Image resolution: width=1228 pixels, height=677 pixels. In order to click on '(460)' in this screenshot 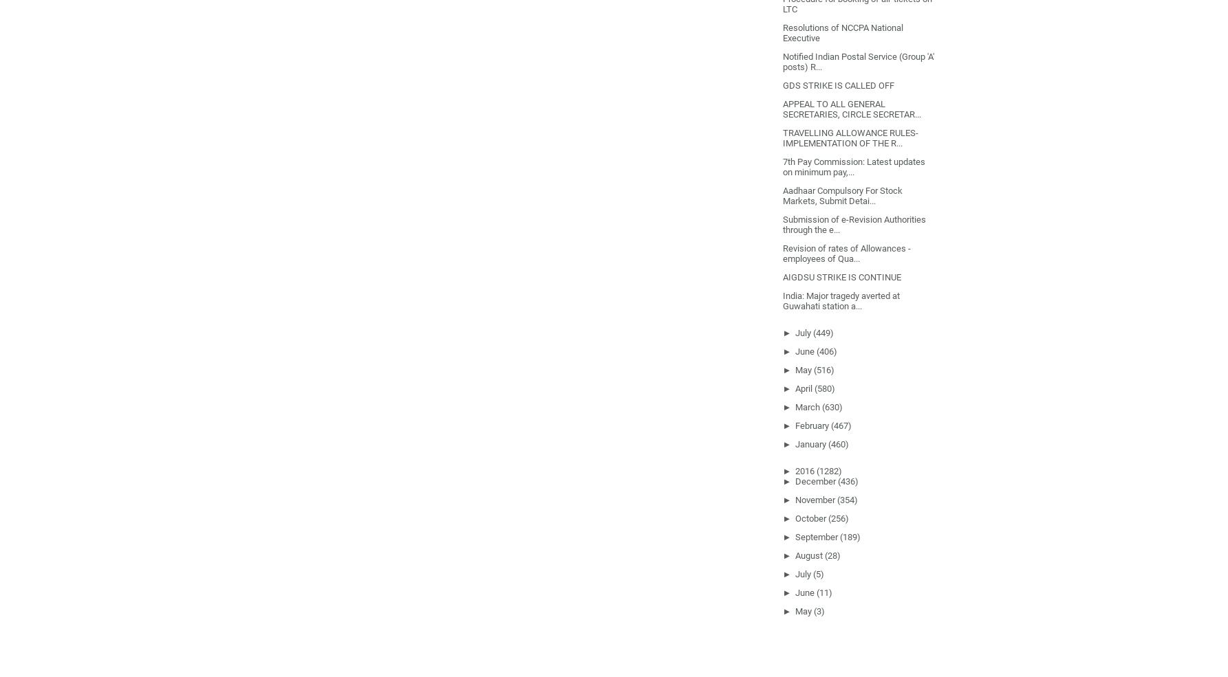, I will do `click(827, 443)`.